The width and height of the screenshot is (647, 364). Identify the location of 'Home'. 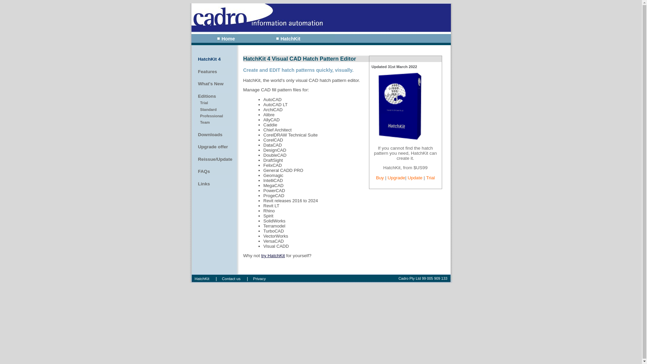
(216, 39).